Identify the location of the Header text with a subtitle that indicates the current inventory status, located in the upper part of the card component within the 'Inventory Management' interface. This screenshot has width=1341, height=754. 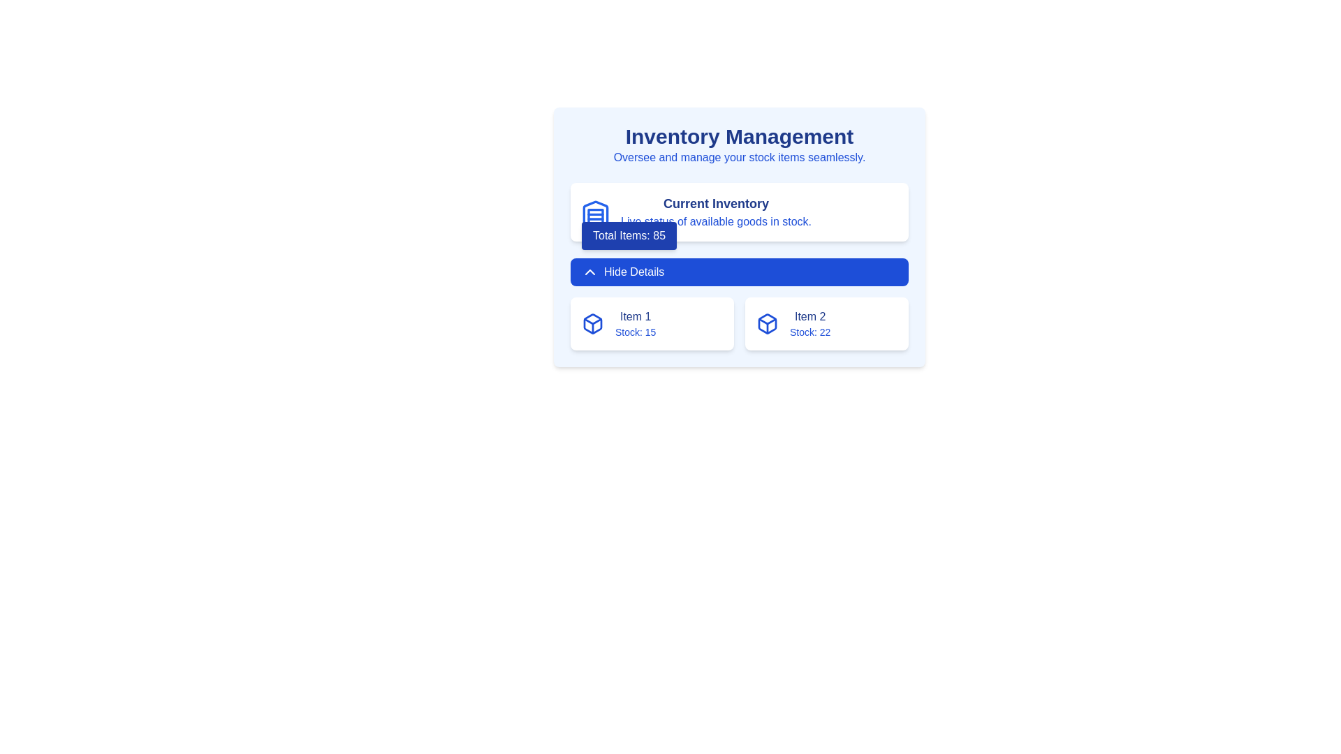
(716, 212).